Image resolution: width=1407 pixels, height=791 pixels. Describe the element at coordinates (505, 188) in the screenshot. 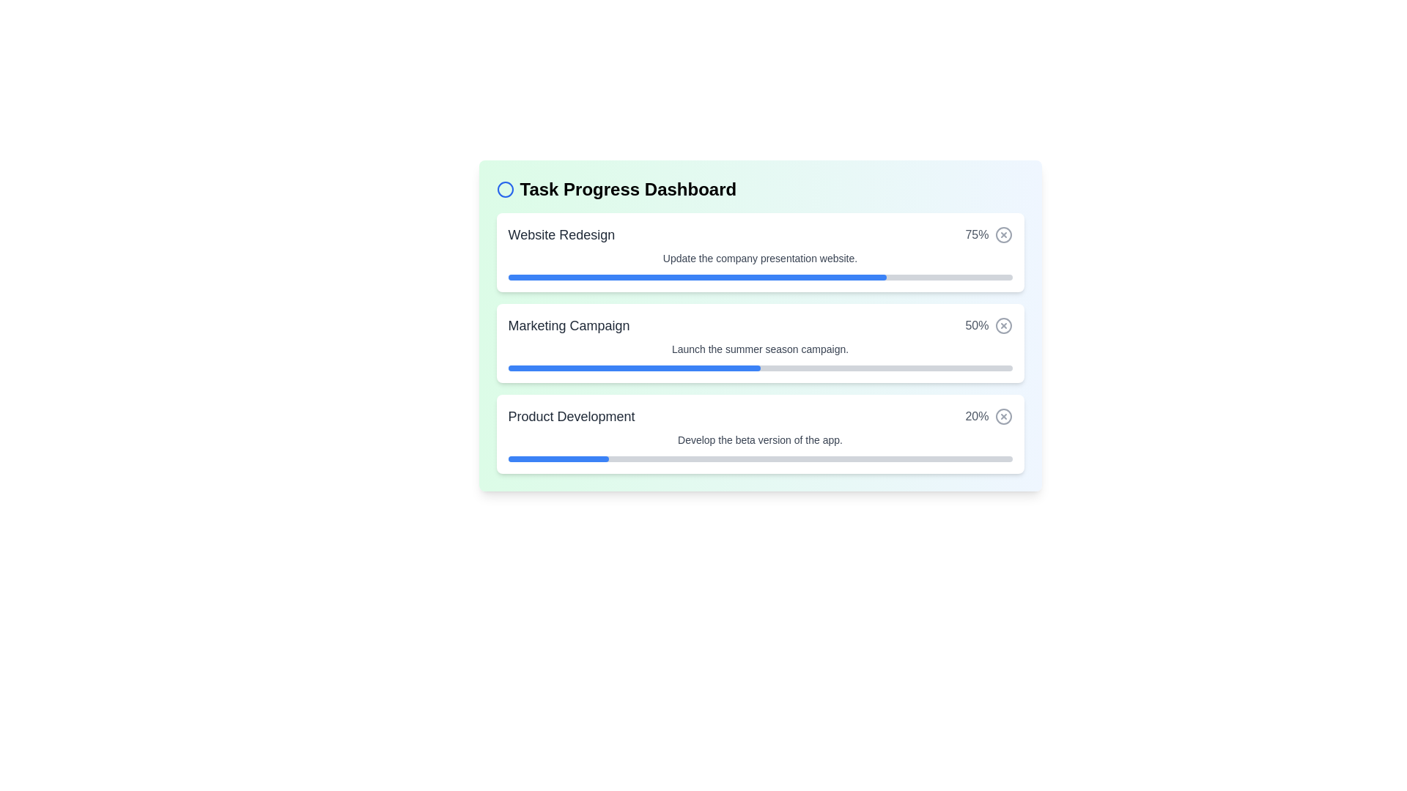

I see `the blue circular decorative icon located to the immediate left of the 'Task Progress Dashboard' text header` at that location.